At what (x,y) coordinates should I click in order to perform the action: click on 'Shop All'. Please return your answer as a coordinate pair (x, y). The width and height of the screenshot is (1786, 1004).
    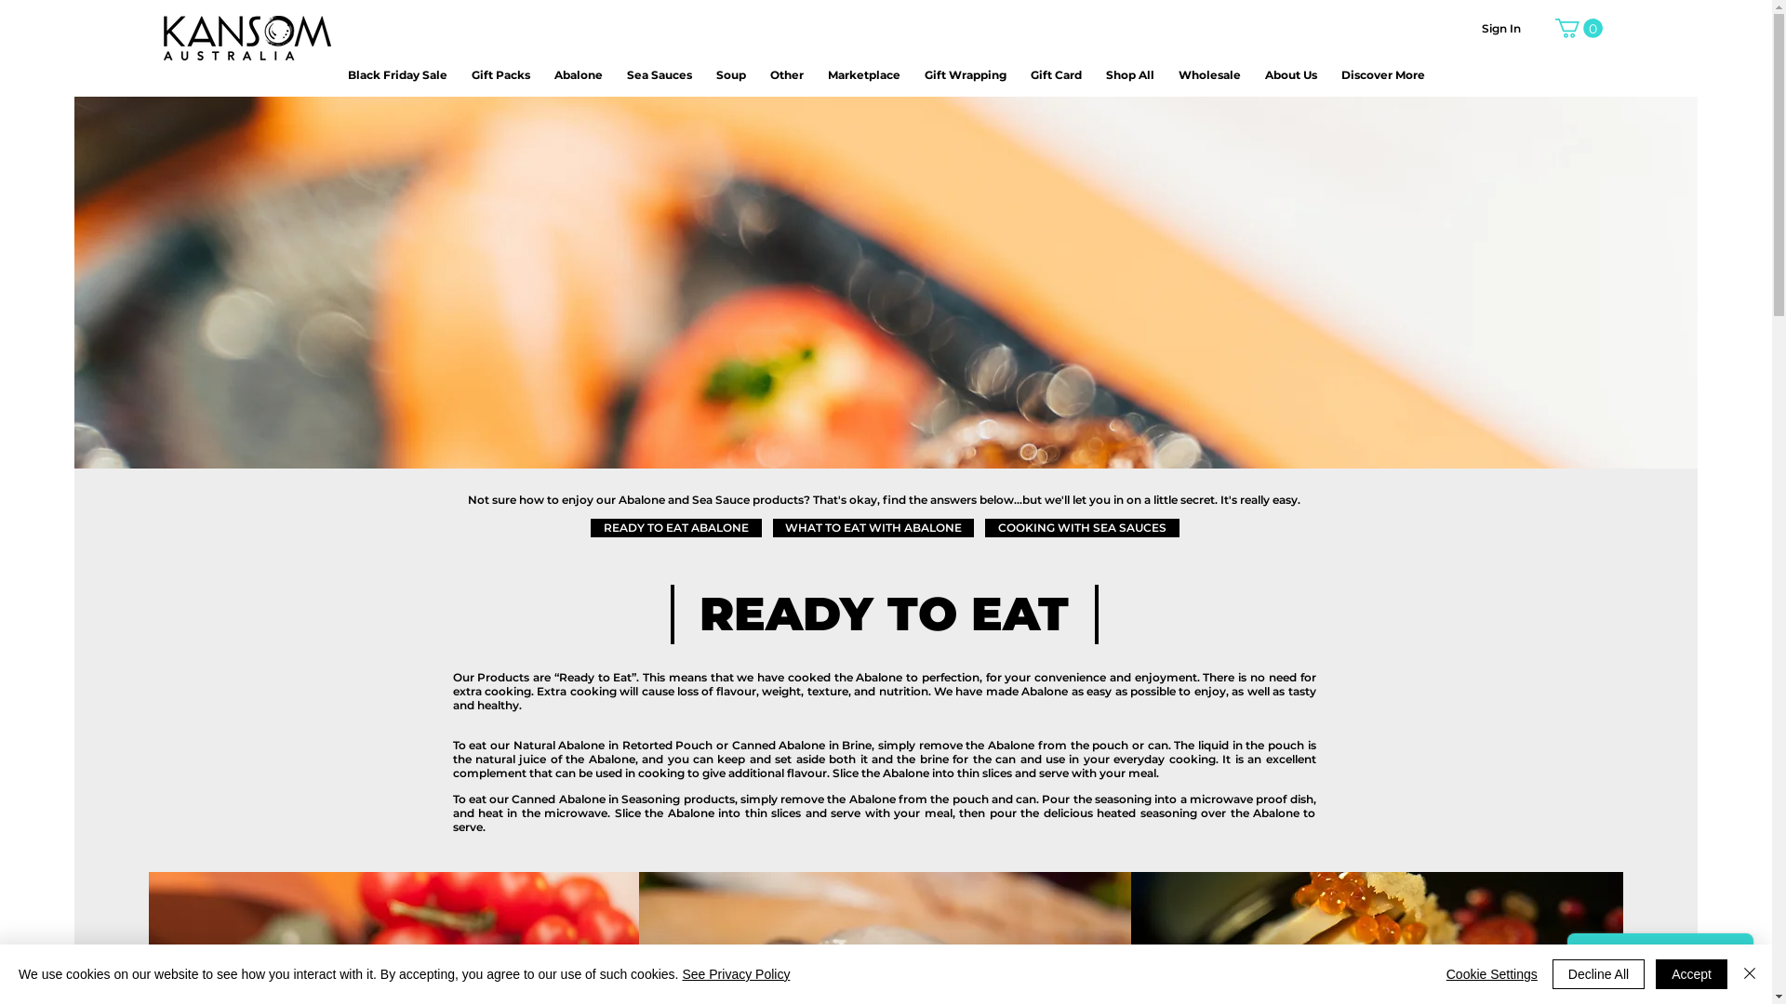
    Looking at the image, I should click on (1128, 73).